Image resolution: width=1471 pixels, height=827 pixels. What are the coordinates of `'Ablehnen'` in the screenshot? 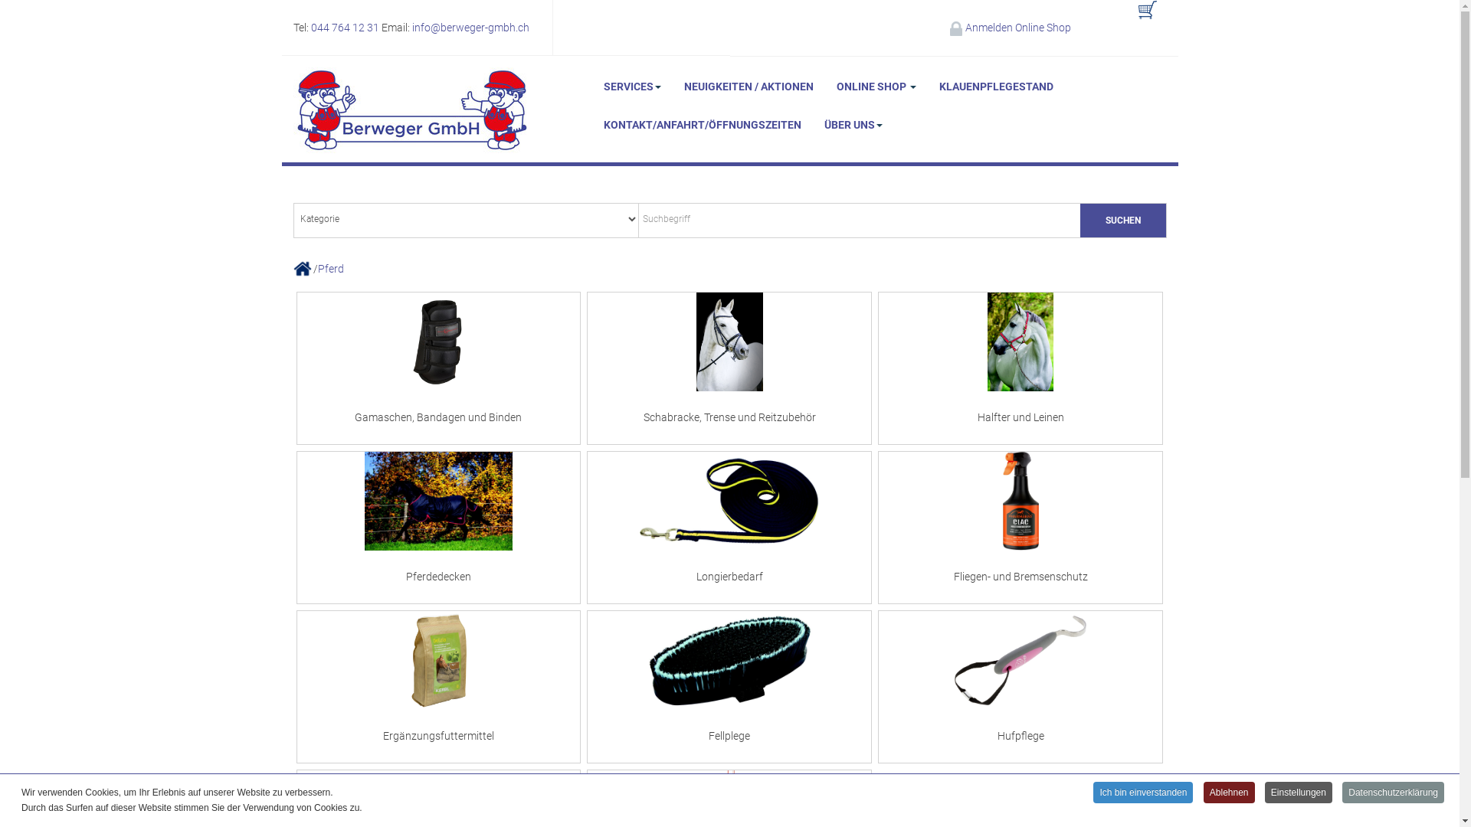 It's located at (1229, 793).